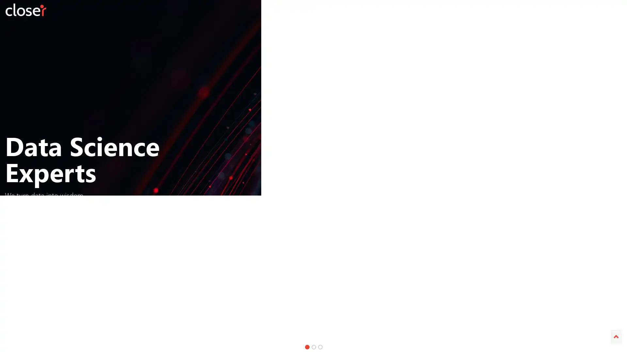 The height and width of the screenshot is (352, 627). I want to click on 3, so click(320, 346).